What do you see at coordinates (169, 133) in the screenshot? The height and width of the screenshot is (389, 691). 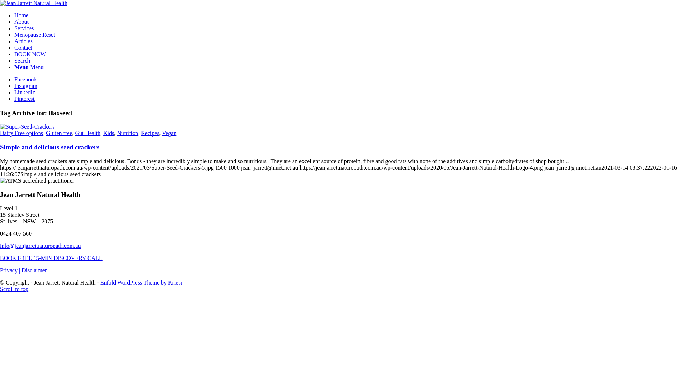 I see `'Vegan'` at bounding box center [169, 133].